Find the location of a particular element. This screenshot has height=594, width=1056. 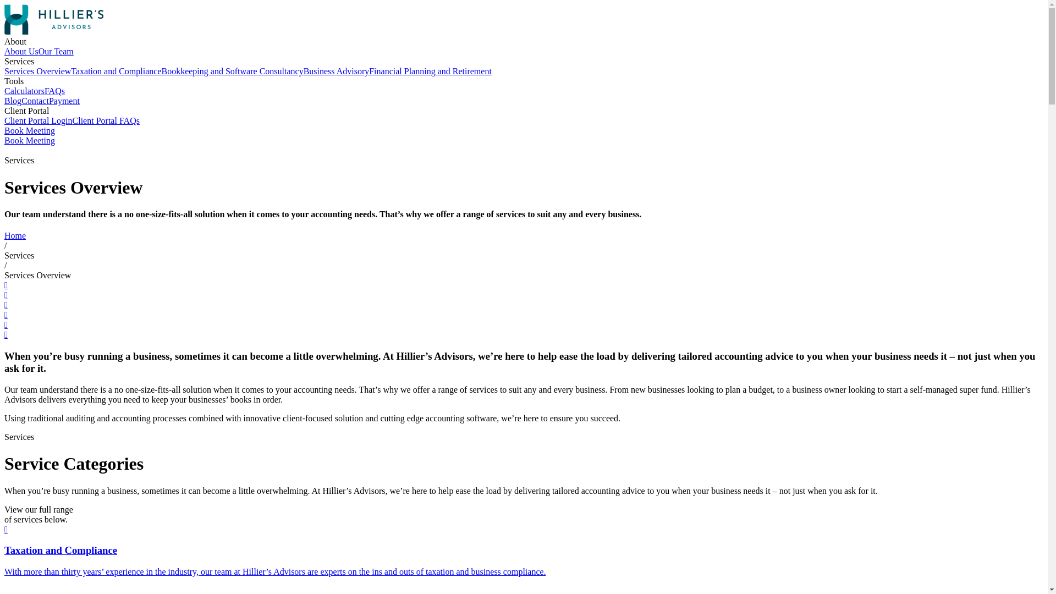

'Calculators' is located at coordinates (4, 90).